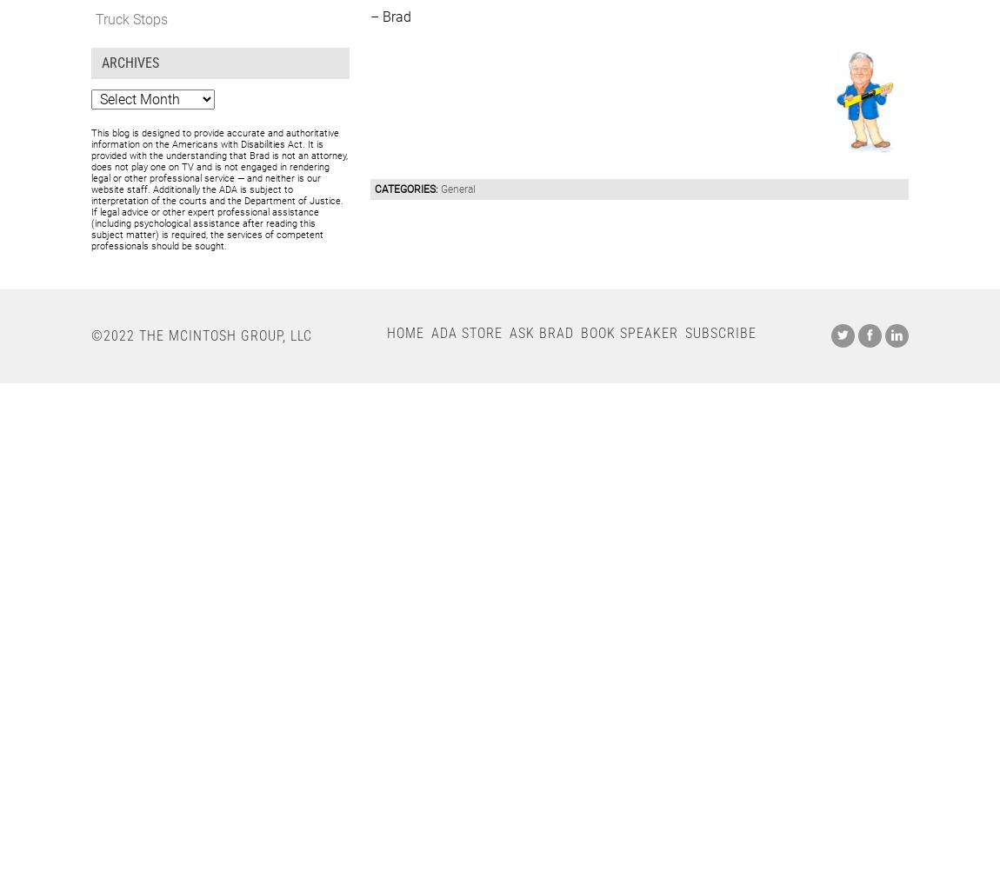  Describe the element at coordinates (200, 335) in the screenshot. I see `'©2022 THE MCINTOSH GROUP, LLC'` at that location.